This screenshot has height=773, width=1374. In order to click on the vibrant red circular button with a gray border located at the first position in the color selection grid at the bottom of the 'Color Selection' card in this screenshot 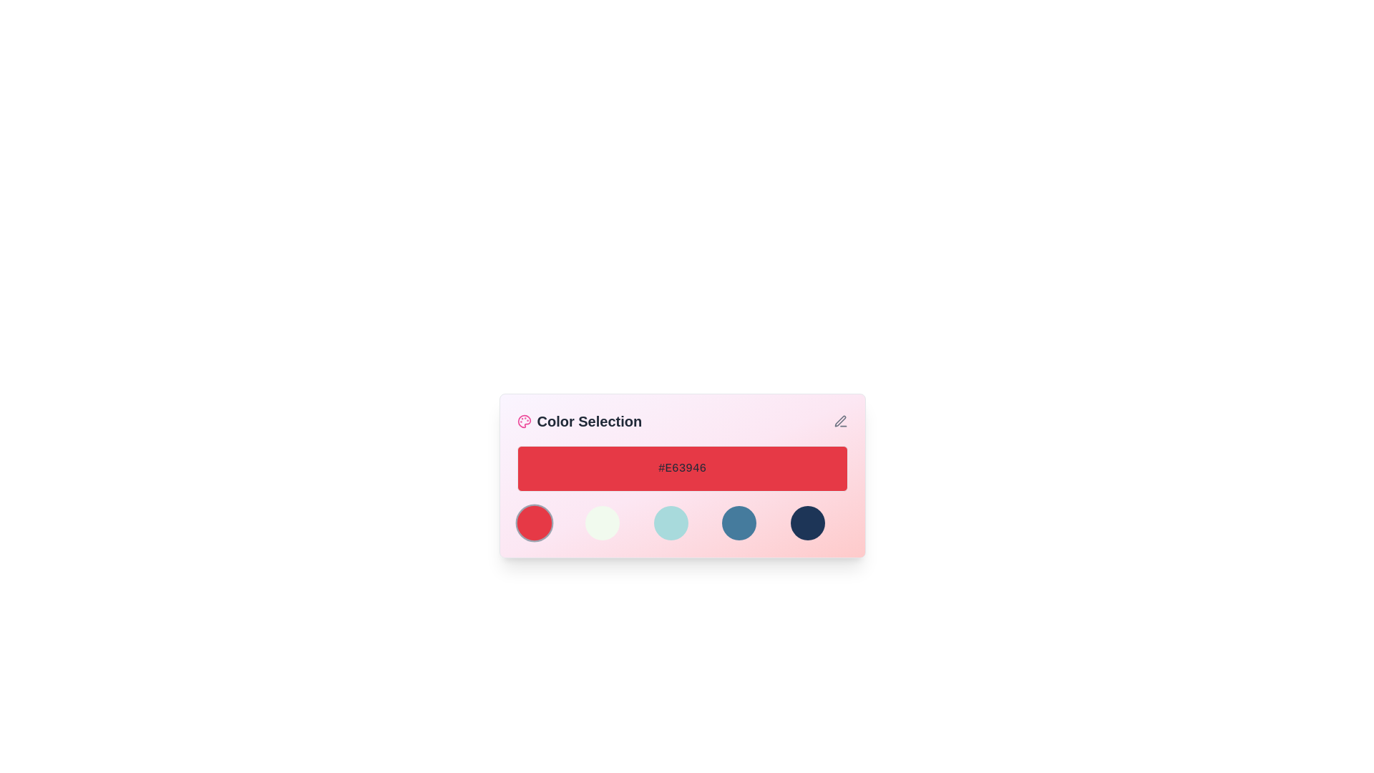, I will do `click(533, 523)`.